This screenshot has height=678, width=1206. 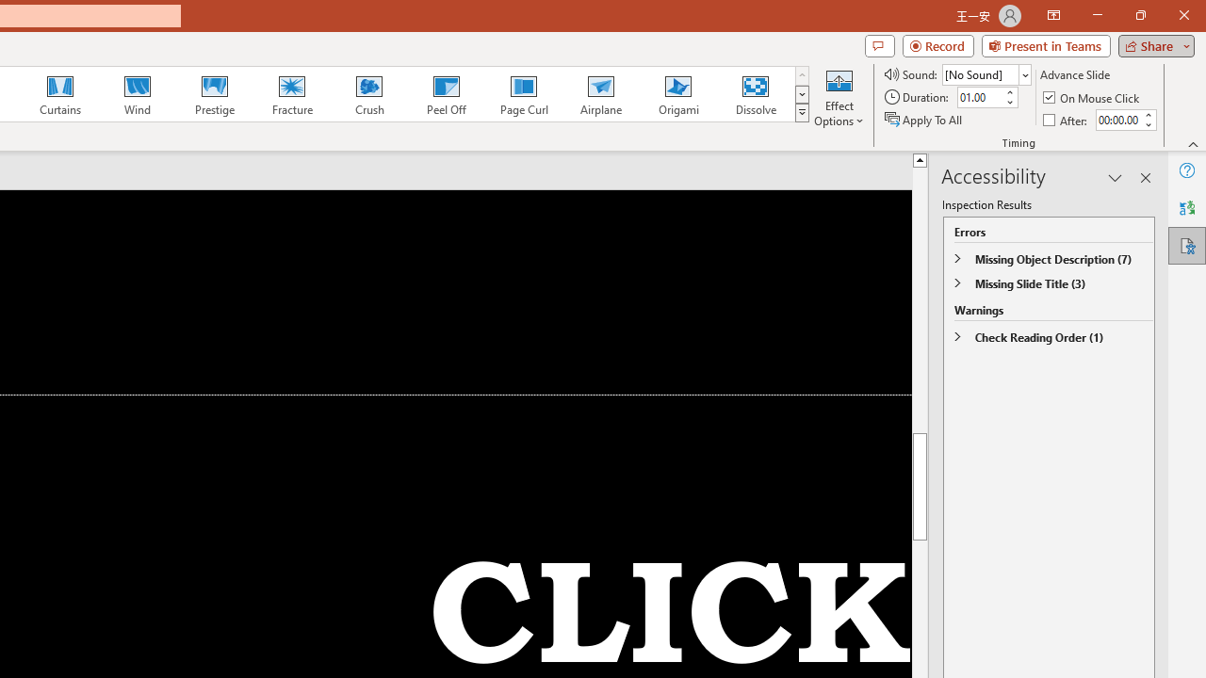 What do you see at coordinates (1147, 124) in the screenshot?
I see `'Less'` at bounding box center [1147, 124].